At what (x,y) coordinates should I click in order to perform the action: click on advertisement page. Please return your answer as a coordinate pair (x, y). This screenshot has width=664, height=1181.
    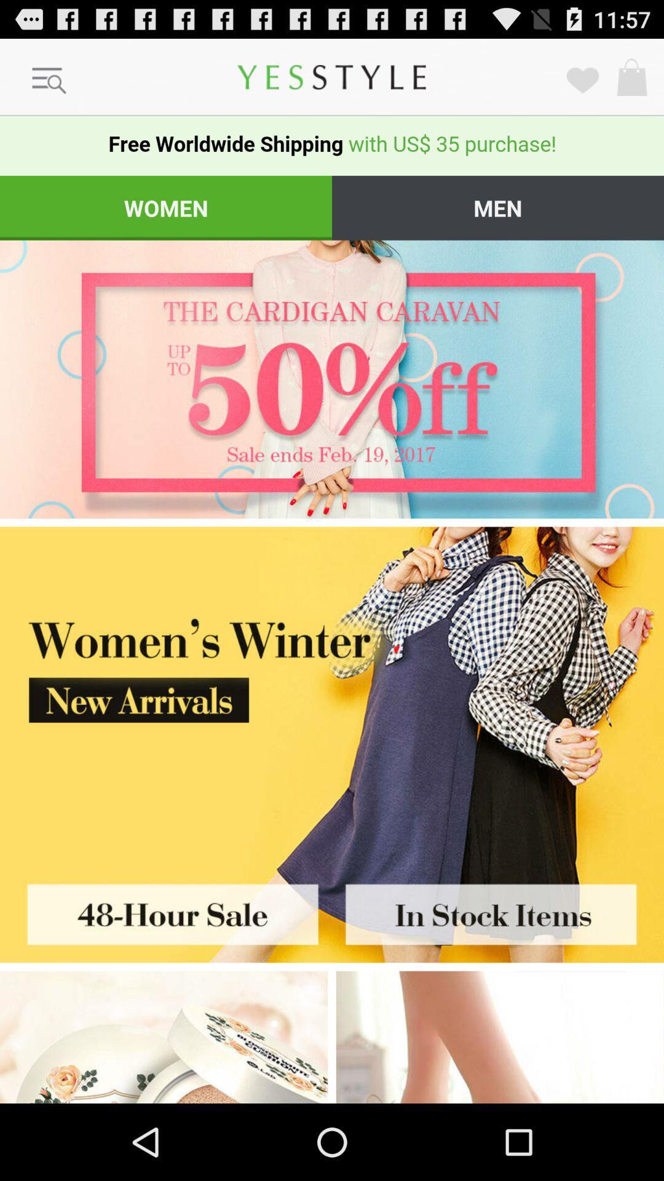
    Looking at the image, I should click on (166, 910).